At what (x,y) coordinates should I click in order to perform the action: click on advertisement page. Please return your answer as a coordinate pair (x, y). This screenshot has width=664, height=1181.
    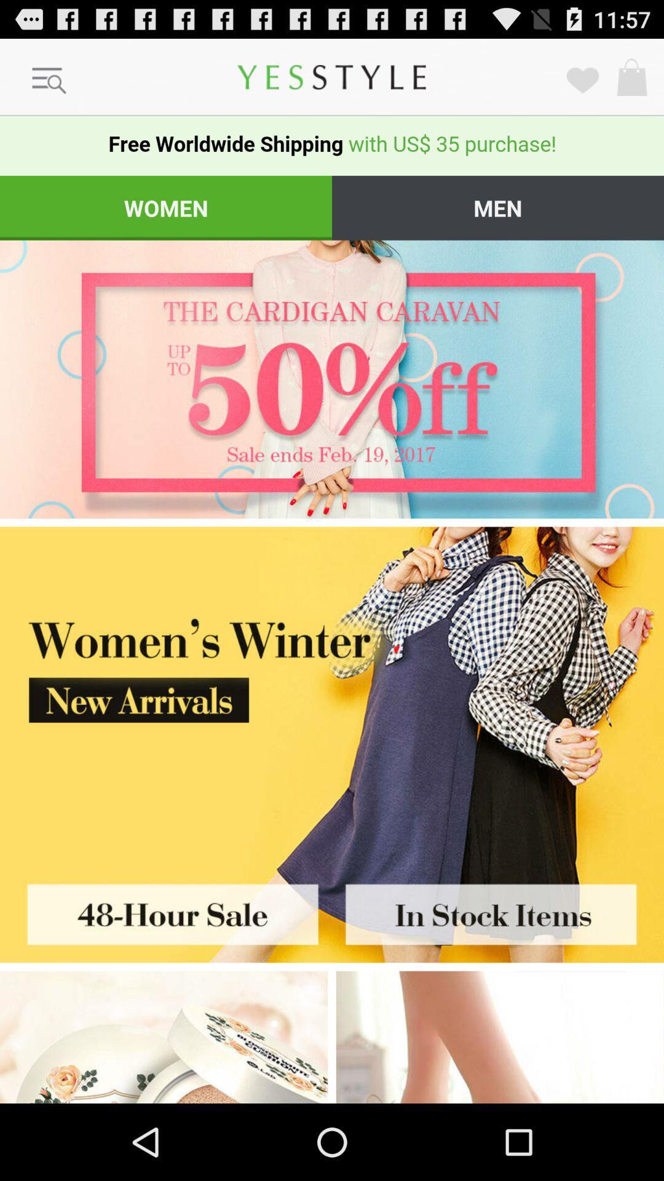
    Looking at the image, I should click on (166, 910).